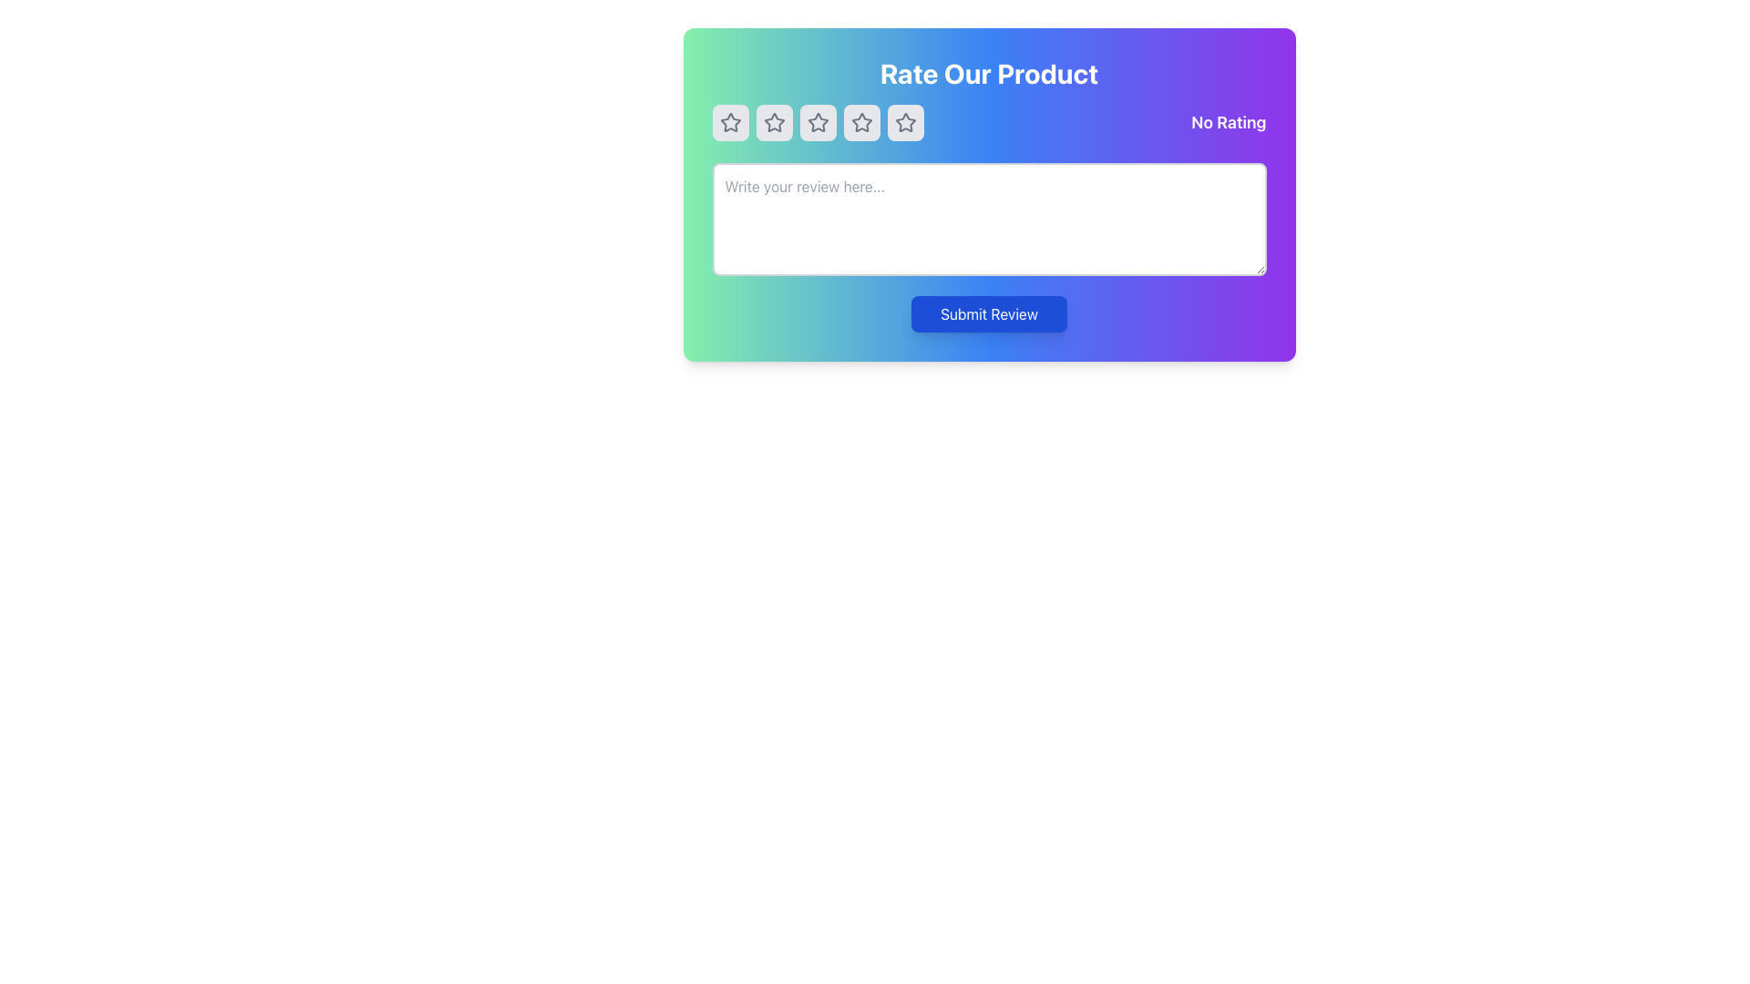 The height and width of the screenshot is (984, 1750). Describe the element at coordinates (774, 123) in the screenshot. I see `the second star icon in the rating system located under the text 'Rate Our Product' and above the text input field` at that location.